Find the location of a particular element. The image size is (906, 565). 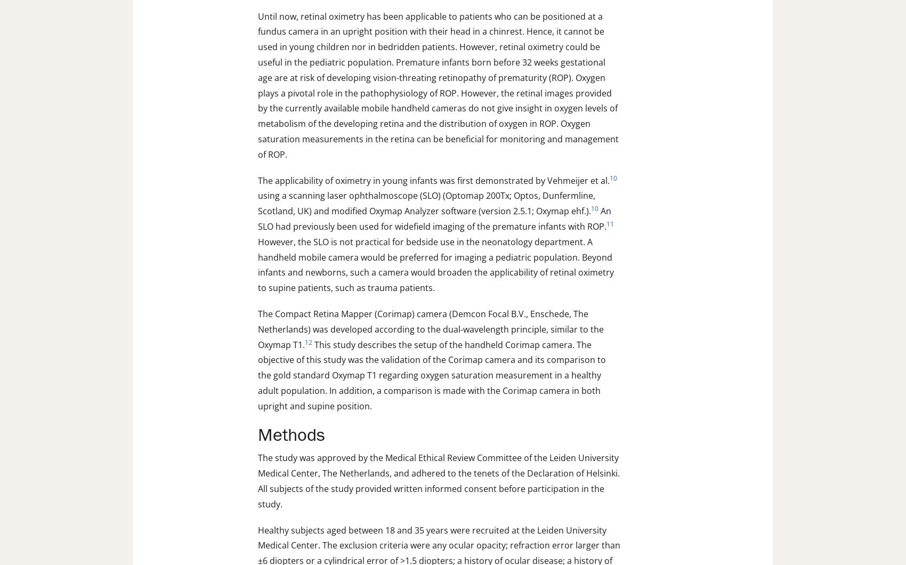

'However, the SLO is not practical for bedside use in the neonatology department. A handheld mobile camera would be preferred for imaging a pediatric population. Beyond infants and newborns, such a camera would broaden the applicability of retinal oximetry to supine patients, such as trauma patients.' is located at coordinates (435, 264).